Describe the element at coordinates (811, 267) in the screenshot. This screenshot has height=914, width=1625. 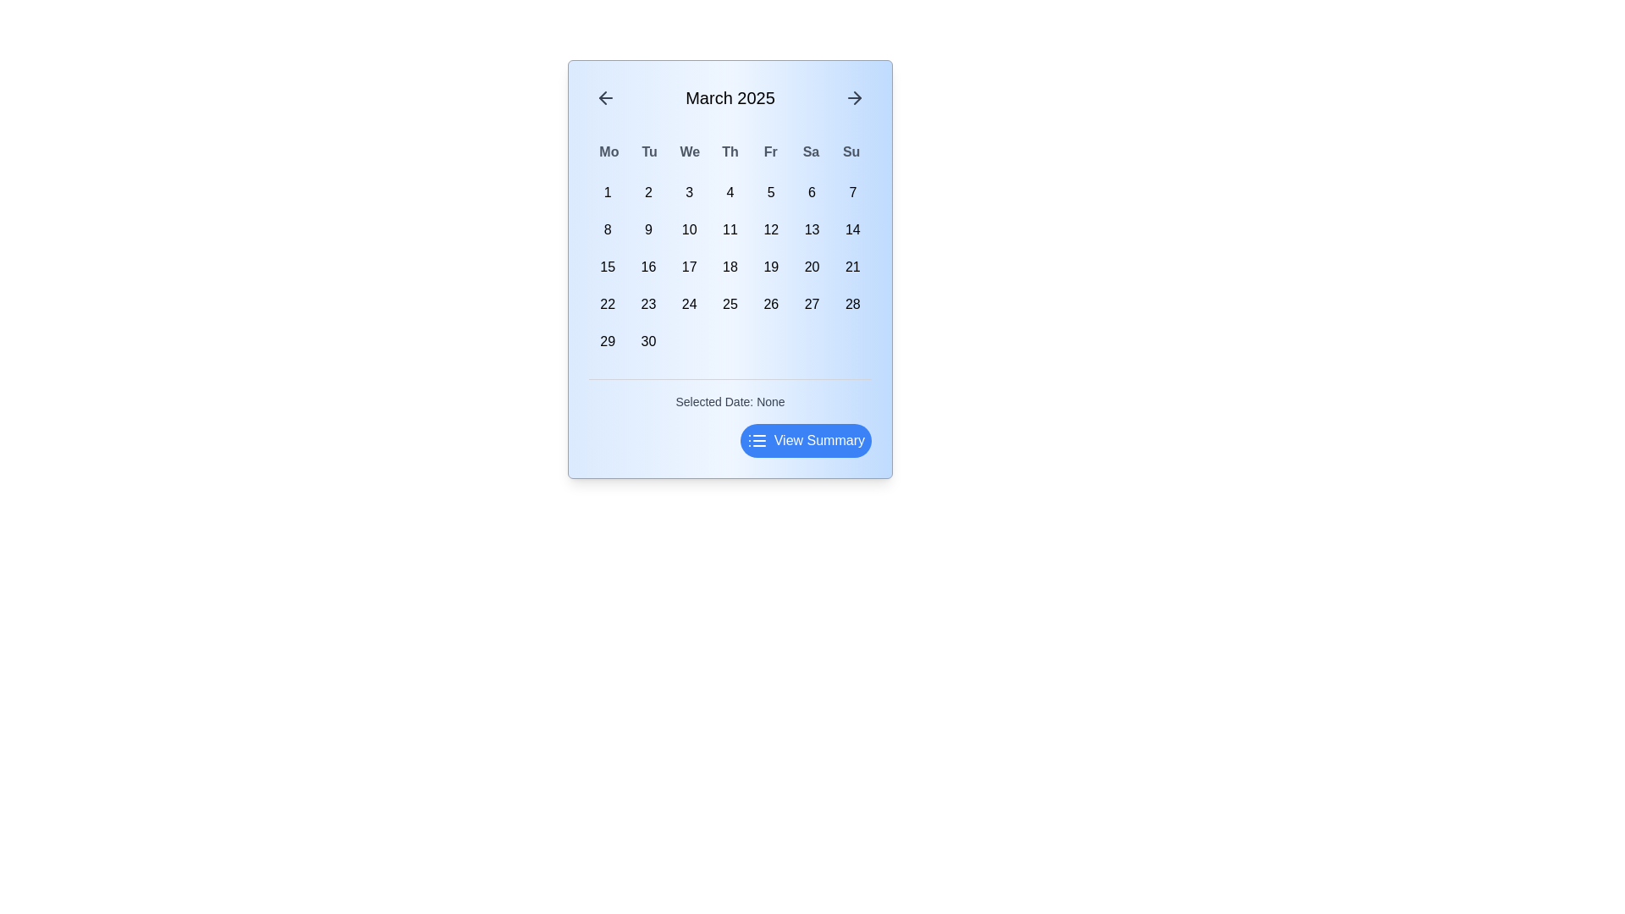
I see `the circular button with the number '20' centered within it` at that location.